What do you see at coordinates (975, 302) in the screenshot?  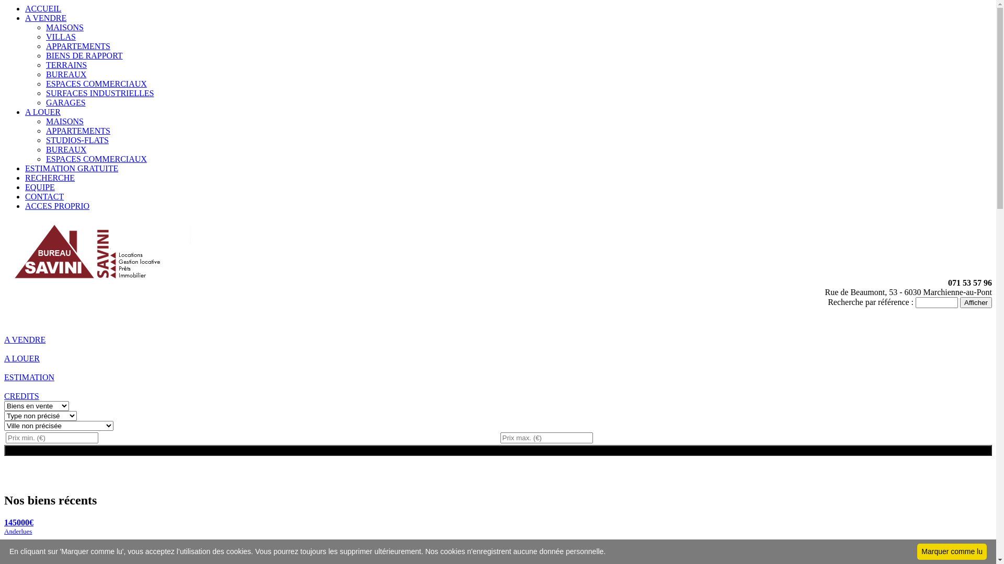 I see `'Afficher'` at bounding box center [975, 302].